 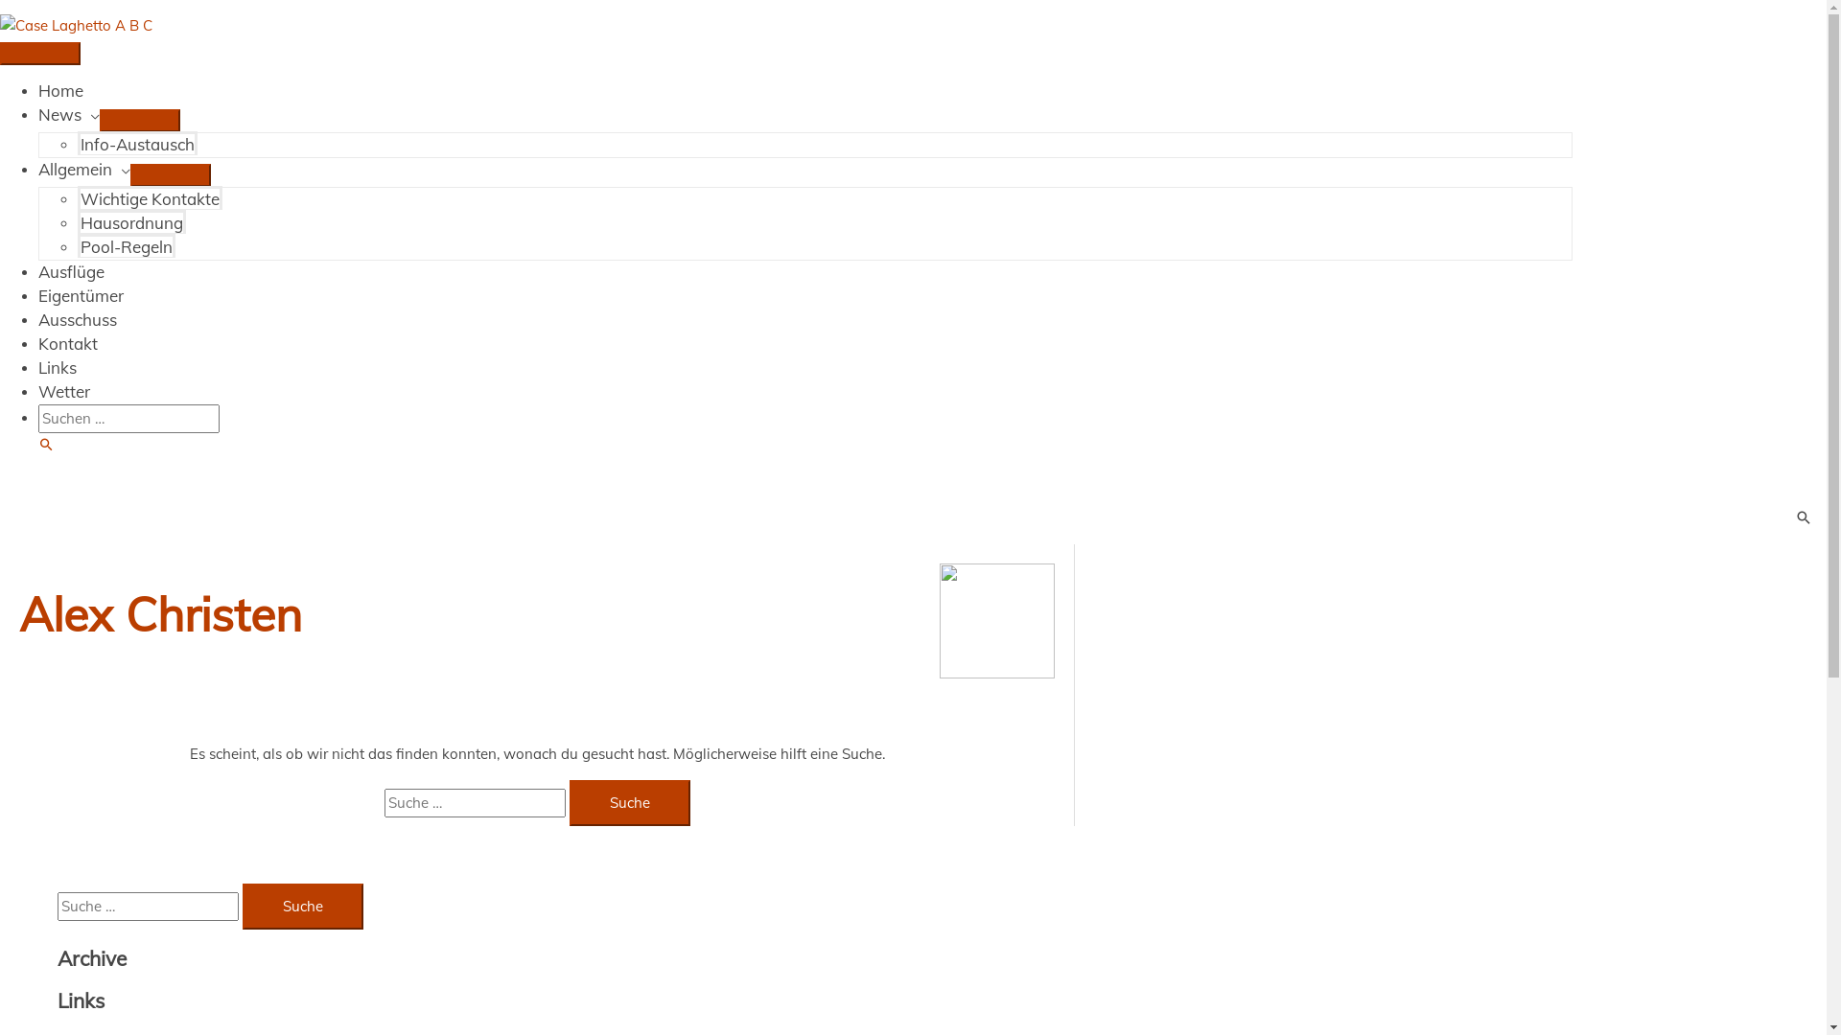 What do you see at coordinates (149, 197) in the screenshot?
I see `'Wichtige Kontakte'` at bounding box center [149, 197].